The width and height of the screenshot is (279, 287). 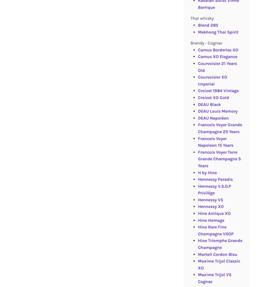 I want to click on 'Hennessy VS', so click(x=197, y=199).